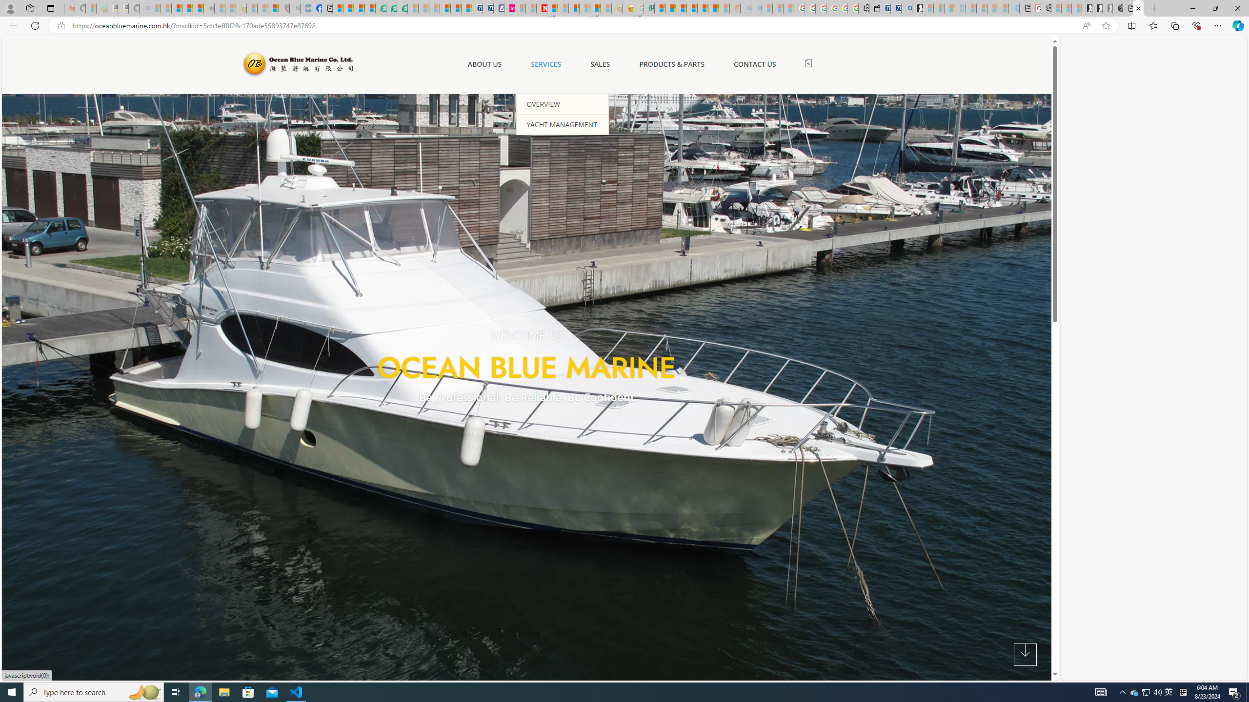 The width and height of the screenshot is (1249, 702). I want to click on 'Bing Real Estate - Home sales and rental listings', so click(907, 8).